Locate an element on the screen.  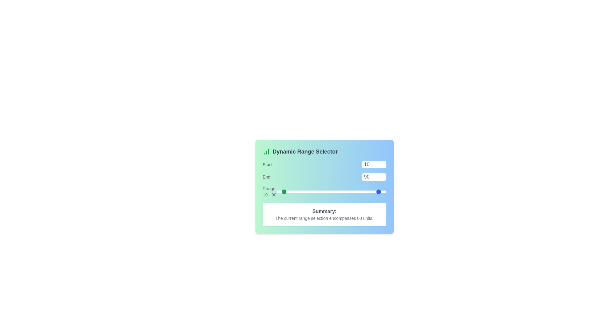
the 'Start' range slider to 0 is located at coordinates (276, 191).